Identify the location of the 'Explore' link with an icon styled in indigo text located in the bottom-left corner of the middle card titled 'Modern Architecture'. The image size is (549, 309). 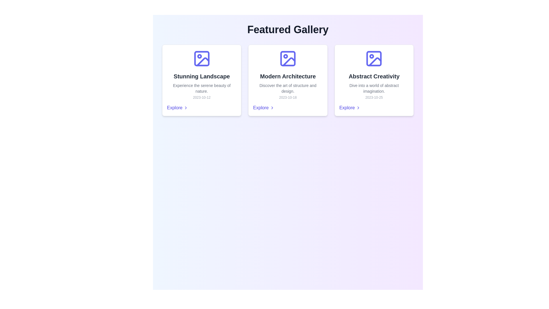
(263, 108).